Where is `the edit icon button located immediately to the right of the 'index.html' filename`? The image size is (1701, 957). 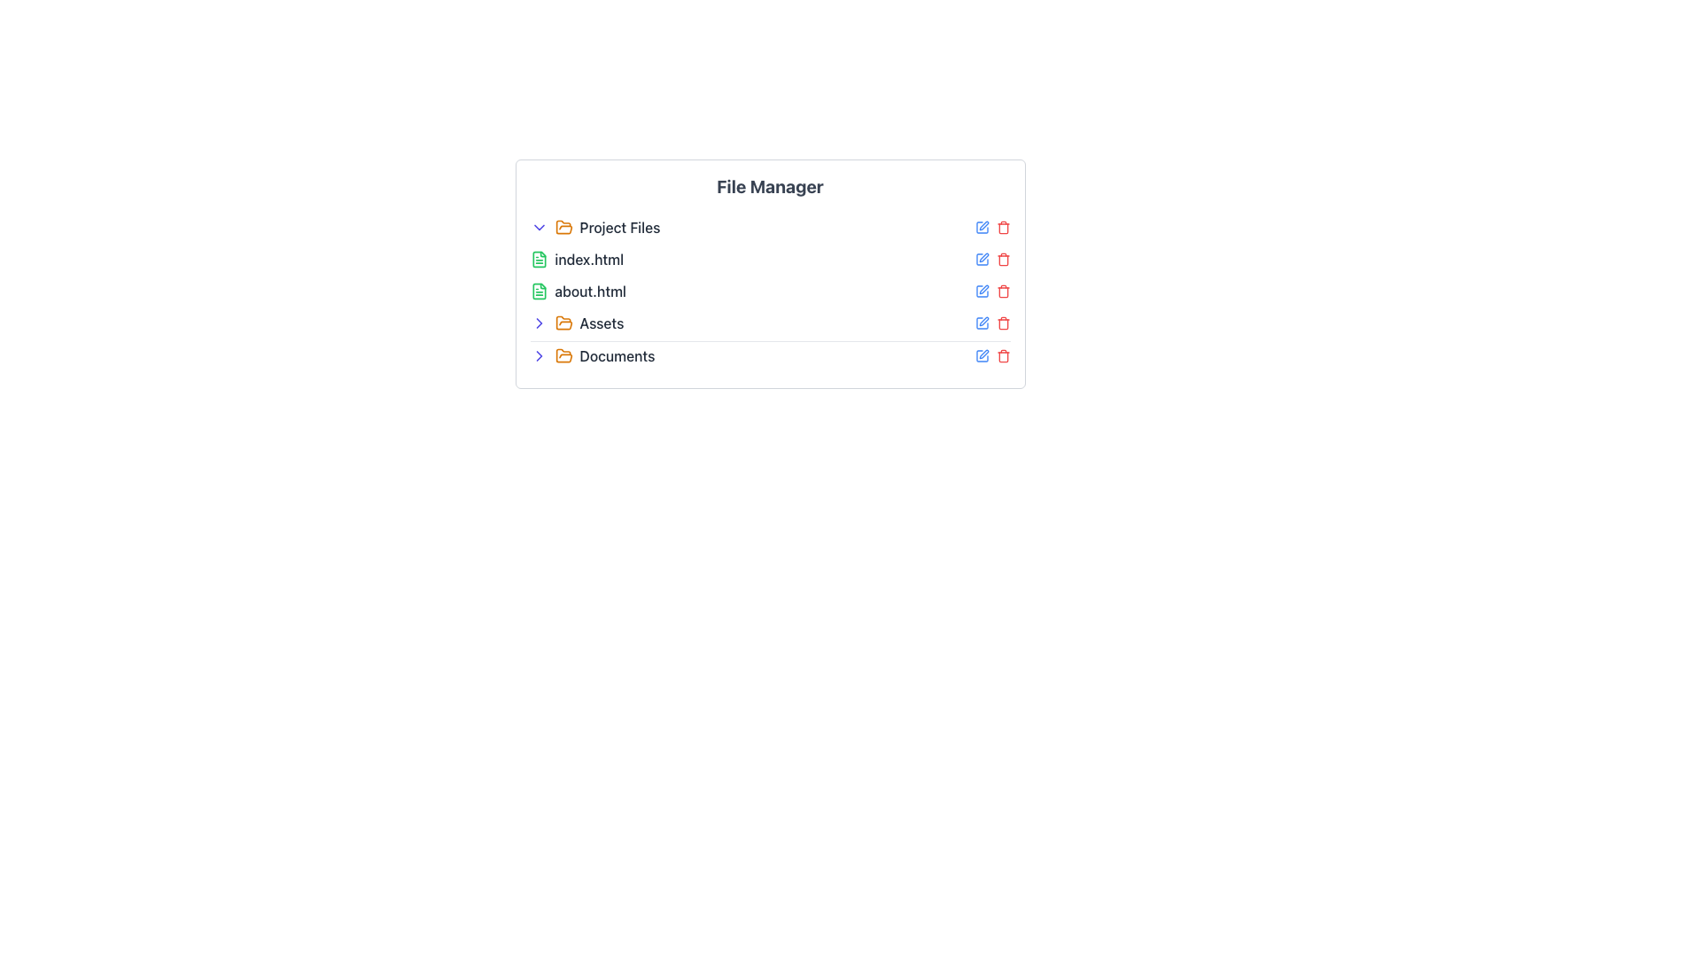
the edit icon button located immediately to the right of the 'index.html' filename is located at coordinates (981, 260).